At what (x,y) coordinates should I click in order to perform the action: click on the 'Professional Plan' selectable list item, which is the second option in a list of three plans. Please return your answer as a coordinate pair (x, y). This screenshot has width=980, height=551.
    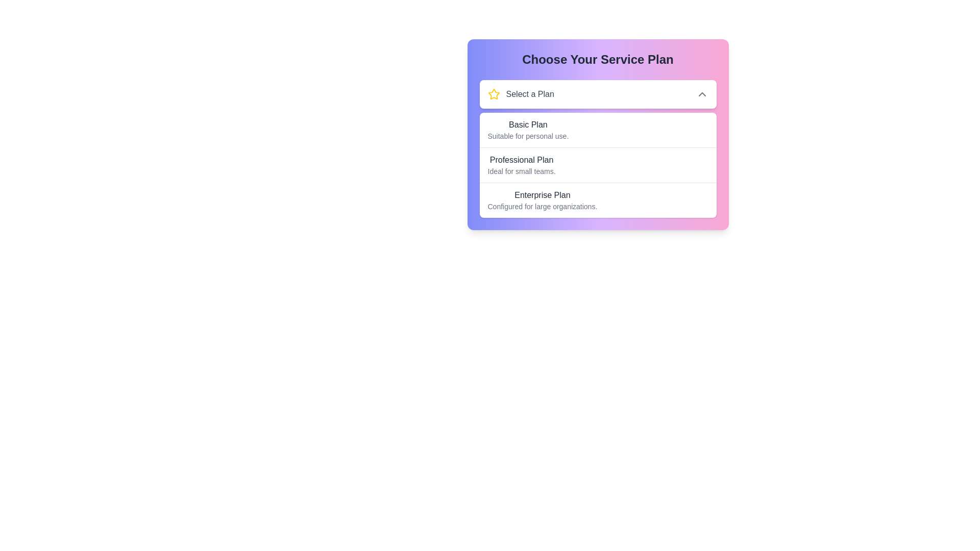
    Looking at the image, I should click on (598, 164).